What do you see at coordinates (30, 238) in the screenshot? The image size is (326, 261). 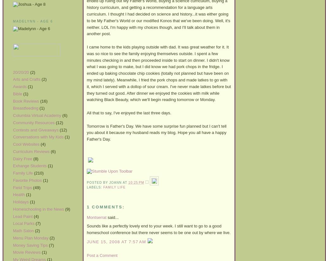 I see `'Menu Plan Monday'` at bounding box center [30, 238].